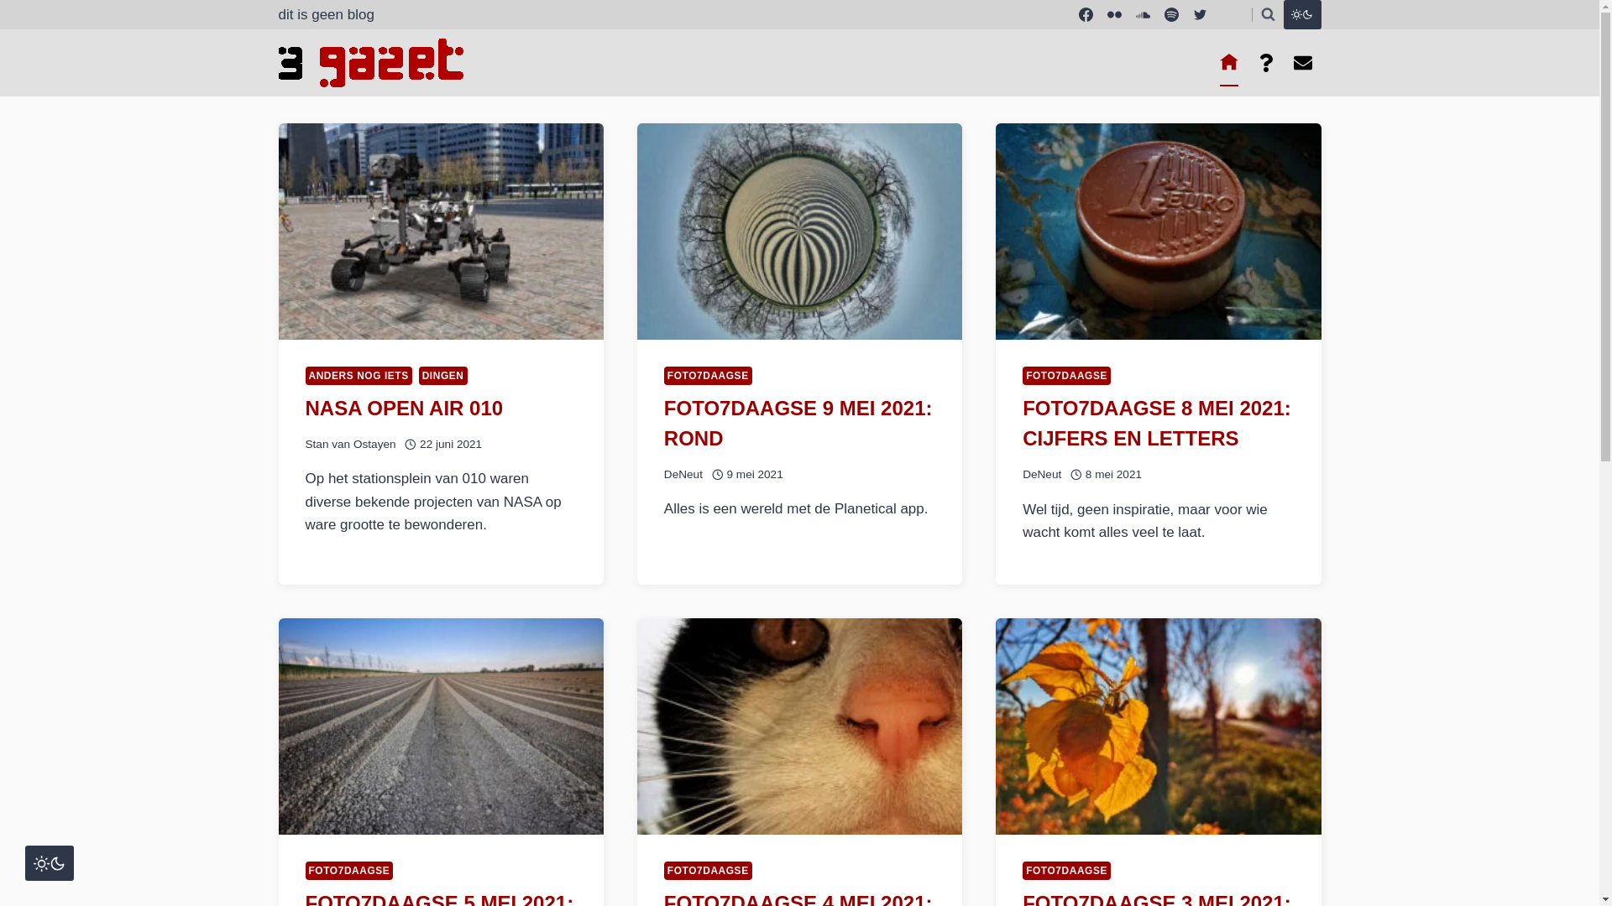 This screenshot has width=1612, height=906. I want to click on 'ANDERS NOG IETS', so click(358, 374).